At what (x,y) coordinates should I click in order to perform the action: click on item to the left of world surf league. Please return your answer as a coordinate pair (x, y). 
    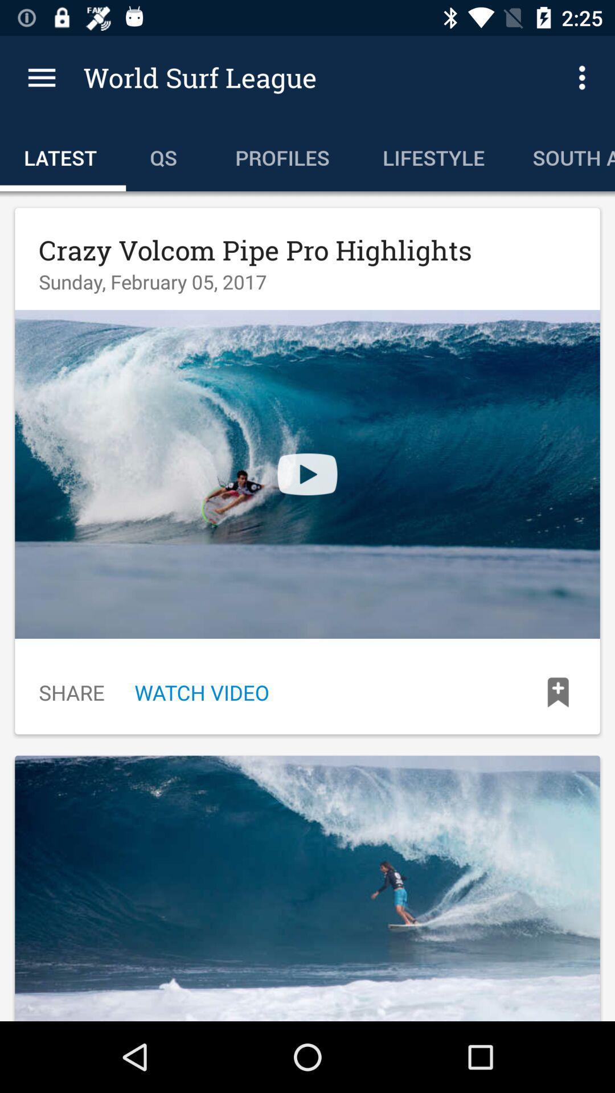
    Looking at the image, I should click on (41, 77).